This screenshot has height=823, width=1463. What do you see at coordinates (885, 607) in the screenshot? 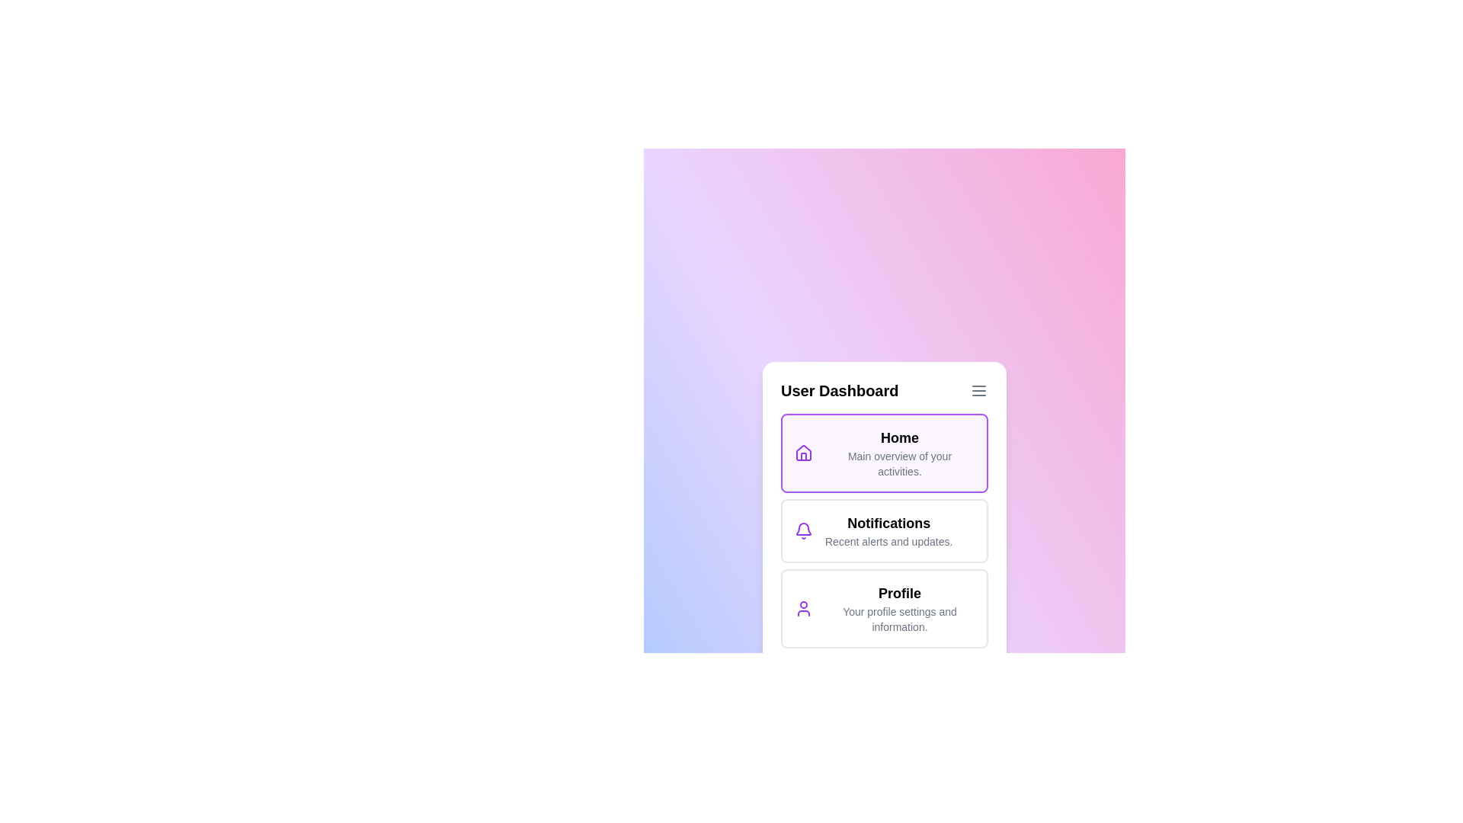
I see `the menu item Profile to navigate` at bounding box center [885, 607].